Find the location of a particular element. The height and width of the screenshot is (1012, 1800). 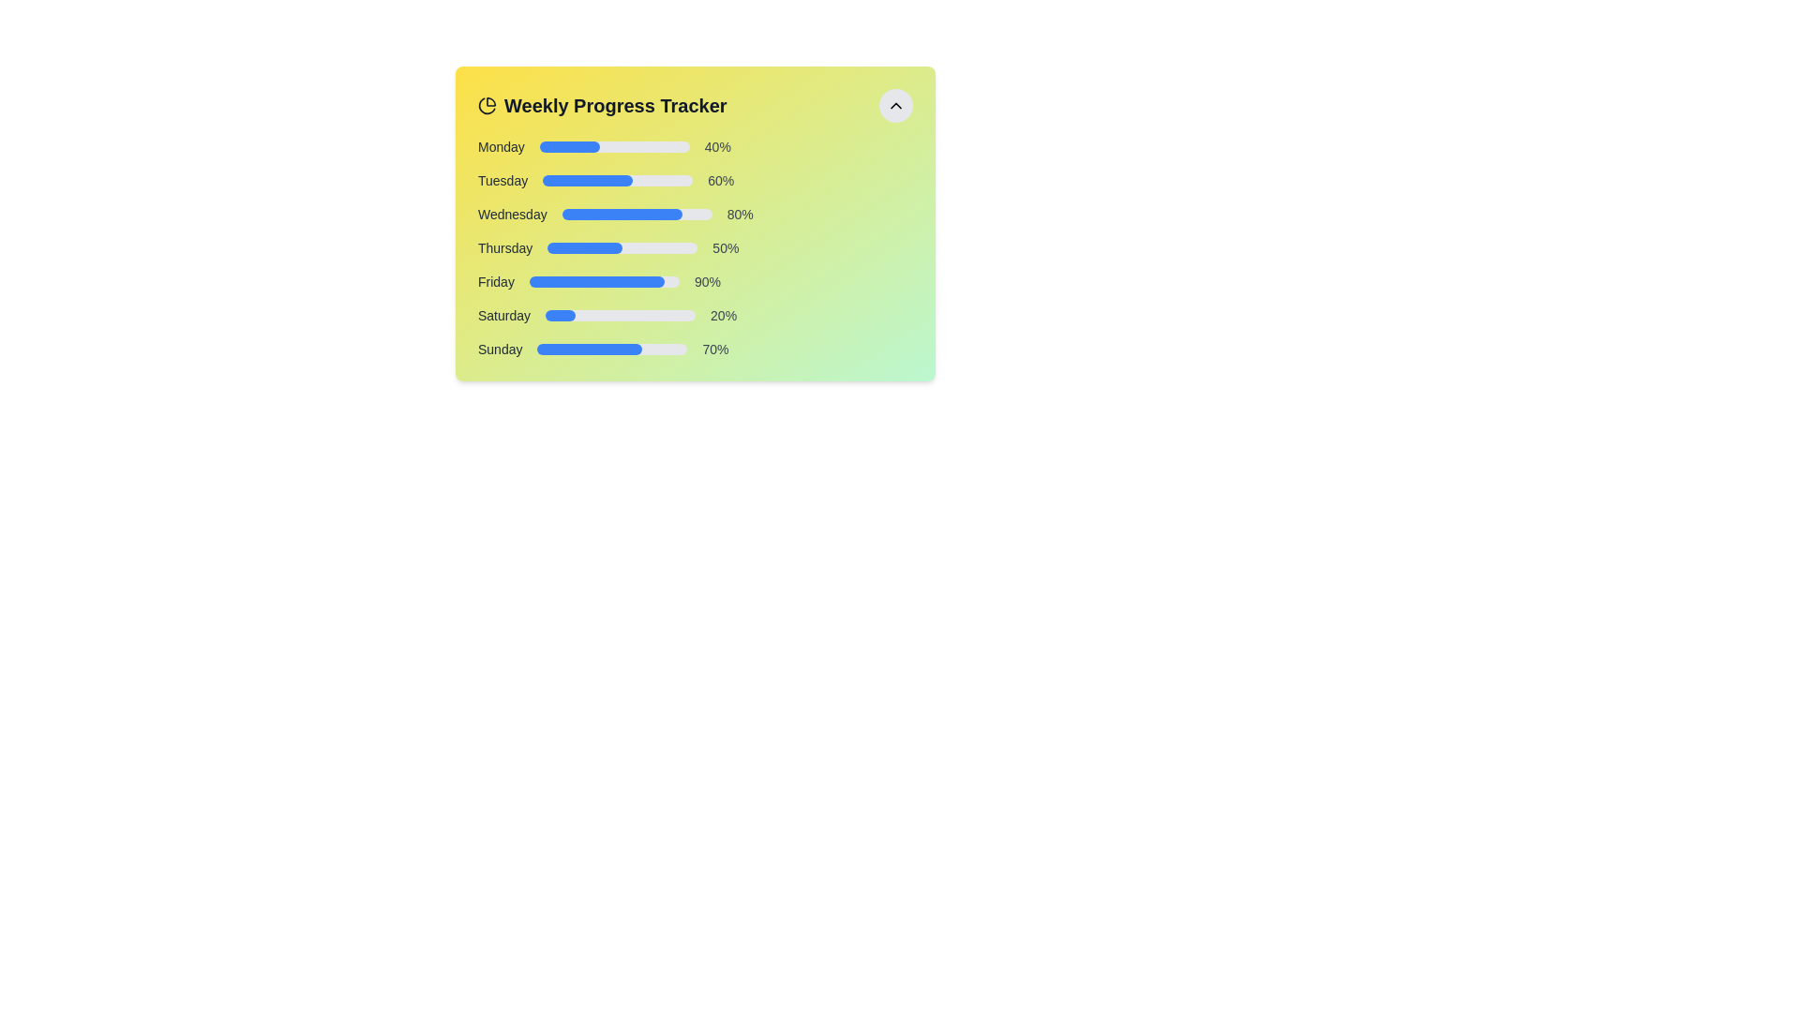

the blue progress bar segment associated with the Saturday label in the 'Weekly Progress Tracker' is located at coordinates (560, 314).